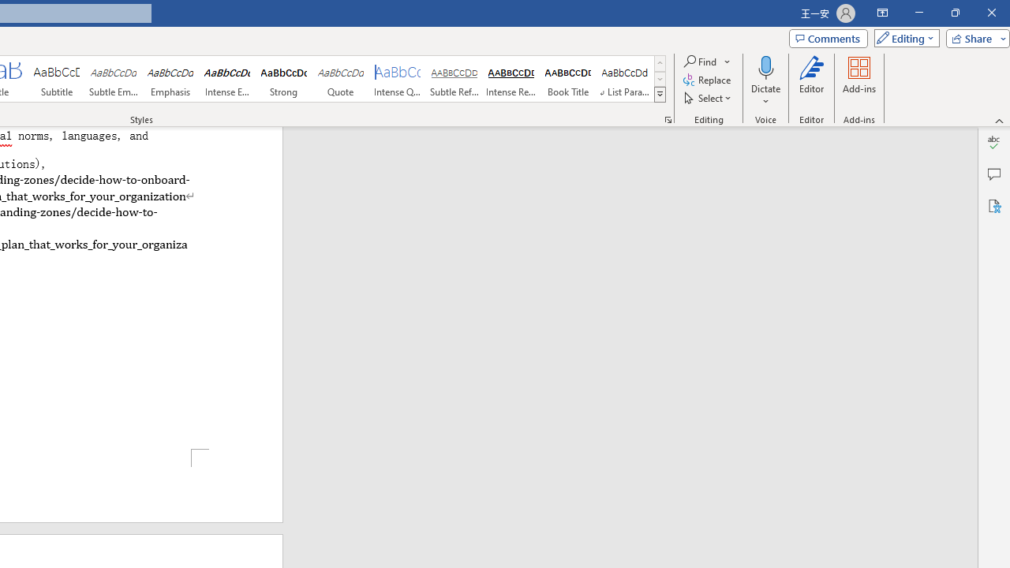 The height and width of the screenshot is (568, 1010). I want to click on 'Row up', so click(660, 62).